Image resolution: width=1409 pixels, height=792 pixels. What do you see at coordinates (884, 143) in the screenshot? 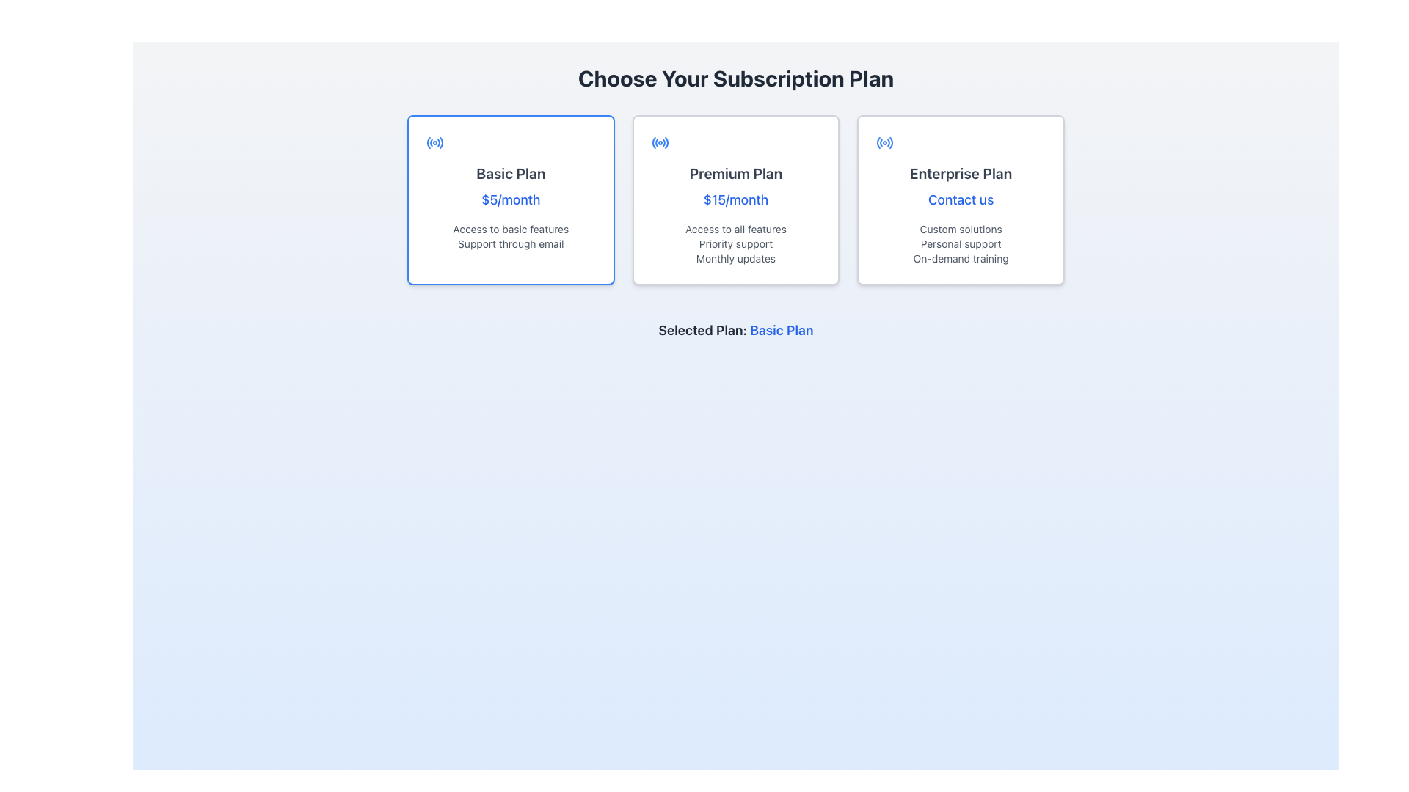
I see `the top-left icon of the 'Enterprise Plan' card, which is the third card in a horizontal series of three cards located on the rightmost side` at bounding box center [884, 143].